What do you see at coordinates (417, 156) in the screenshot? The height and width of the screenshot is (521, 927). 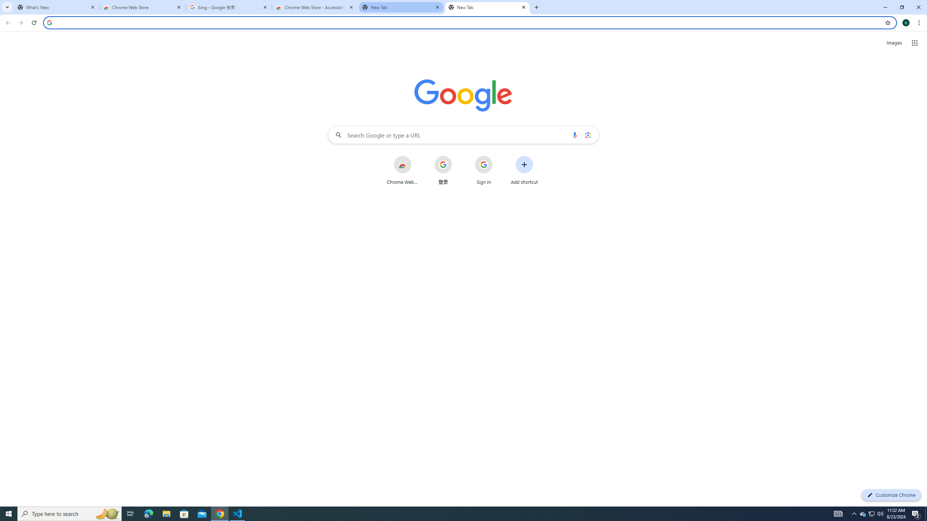 I see `'More actions for Chrome Web Store shortcut'` at bounding box center [417, 156].